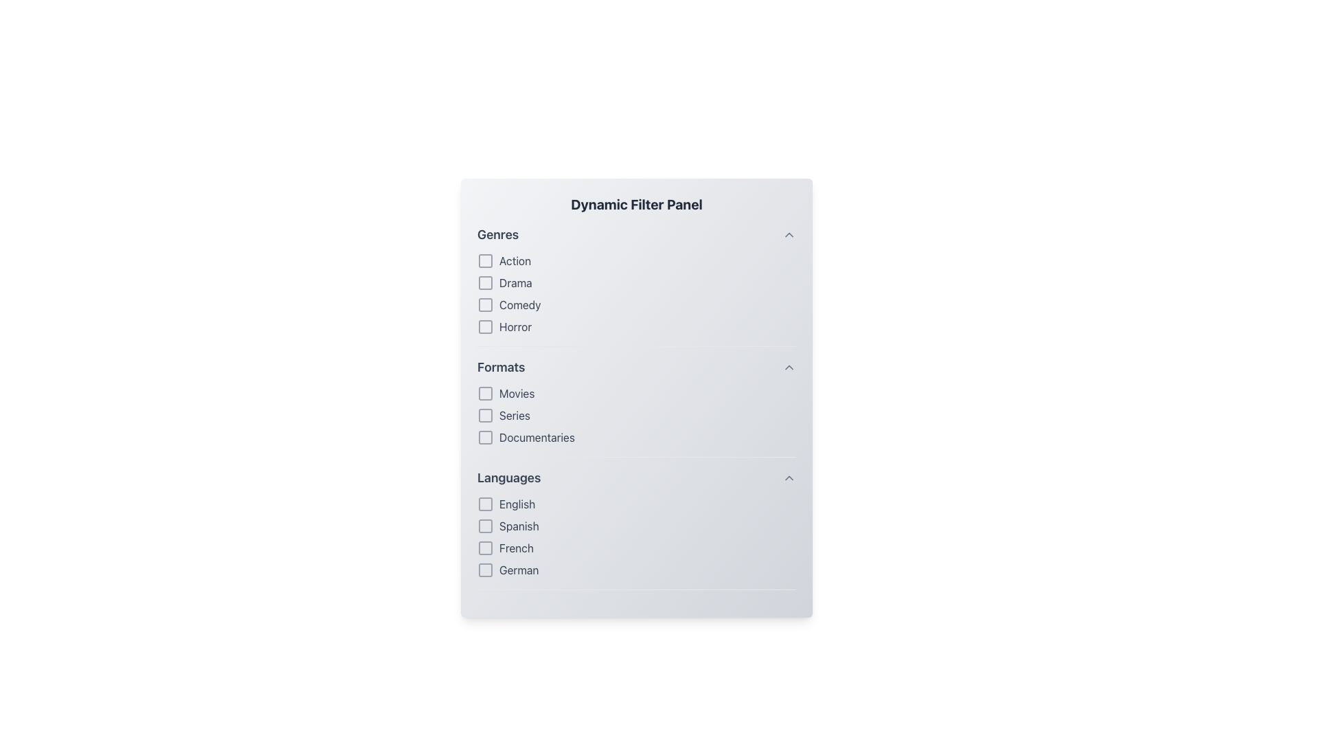  Describe the element at coordinates (635, 415) in the screenshot. I see `the 'Series' checkbox in the 'Formats' section` at that location.